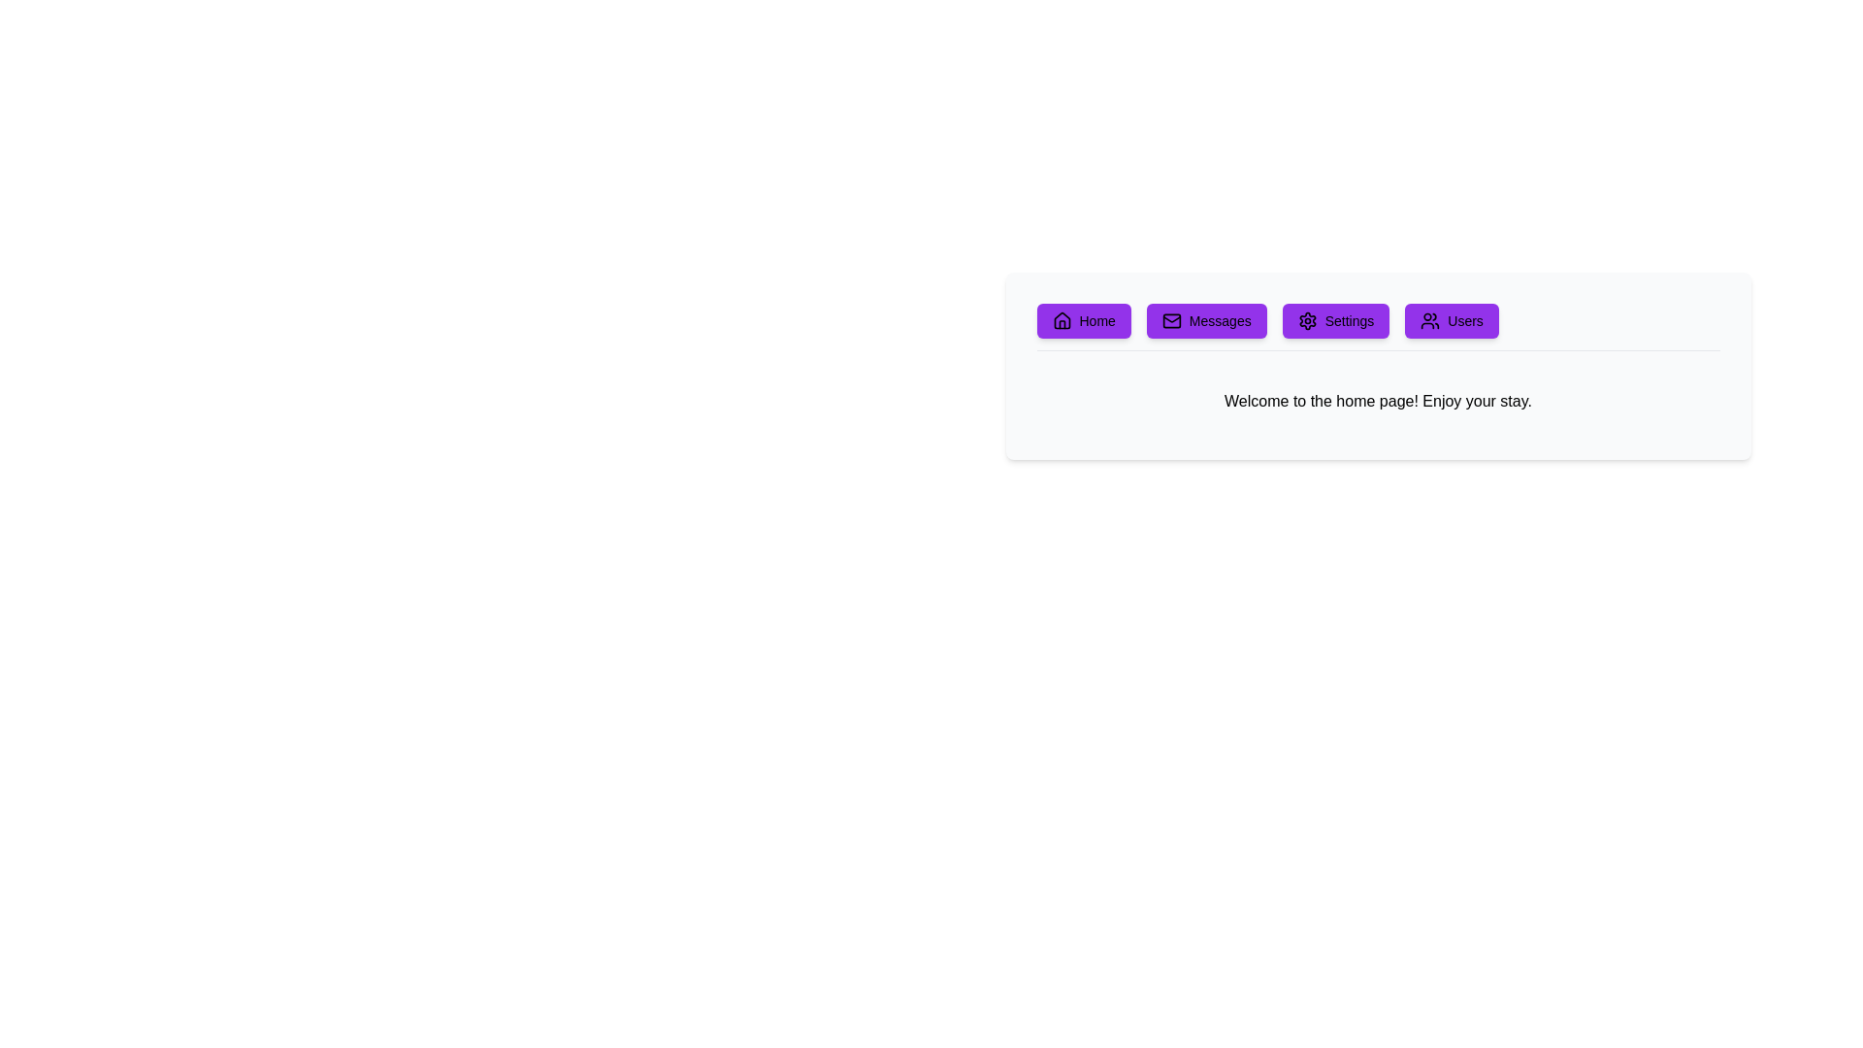  Describe the element at coordinates (1205, 320) in the screenshot. I see `the 'Messages' navigation button located between the 'Home' and 'Settings' buttons` at that location.